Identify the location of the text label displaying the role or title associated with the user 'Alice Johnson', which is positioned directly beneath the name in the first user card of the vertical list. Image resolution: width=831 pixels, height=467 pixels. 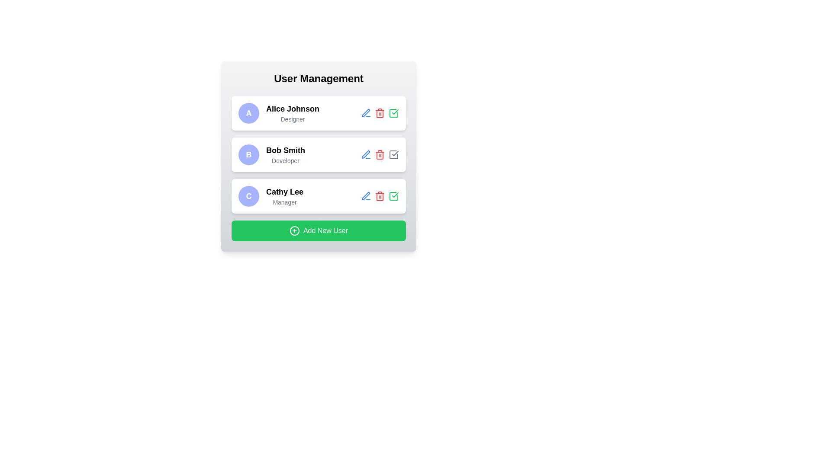
(293, 119).